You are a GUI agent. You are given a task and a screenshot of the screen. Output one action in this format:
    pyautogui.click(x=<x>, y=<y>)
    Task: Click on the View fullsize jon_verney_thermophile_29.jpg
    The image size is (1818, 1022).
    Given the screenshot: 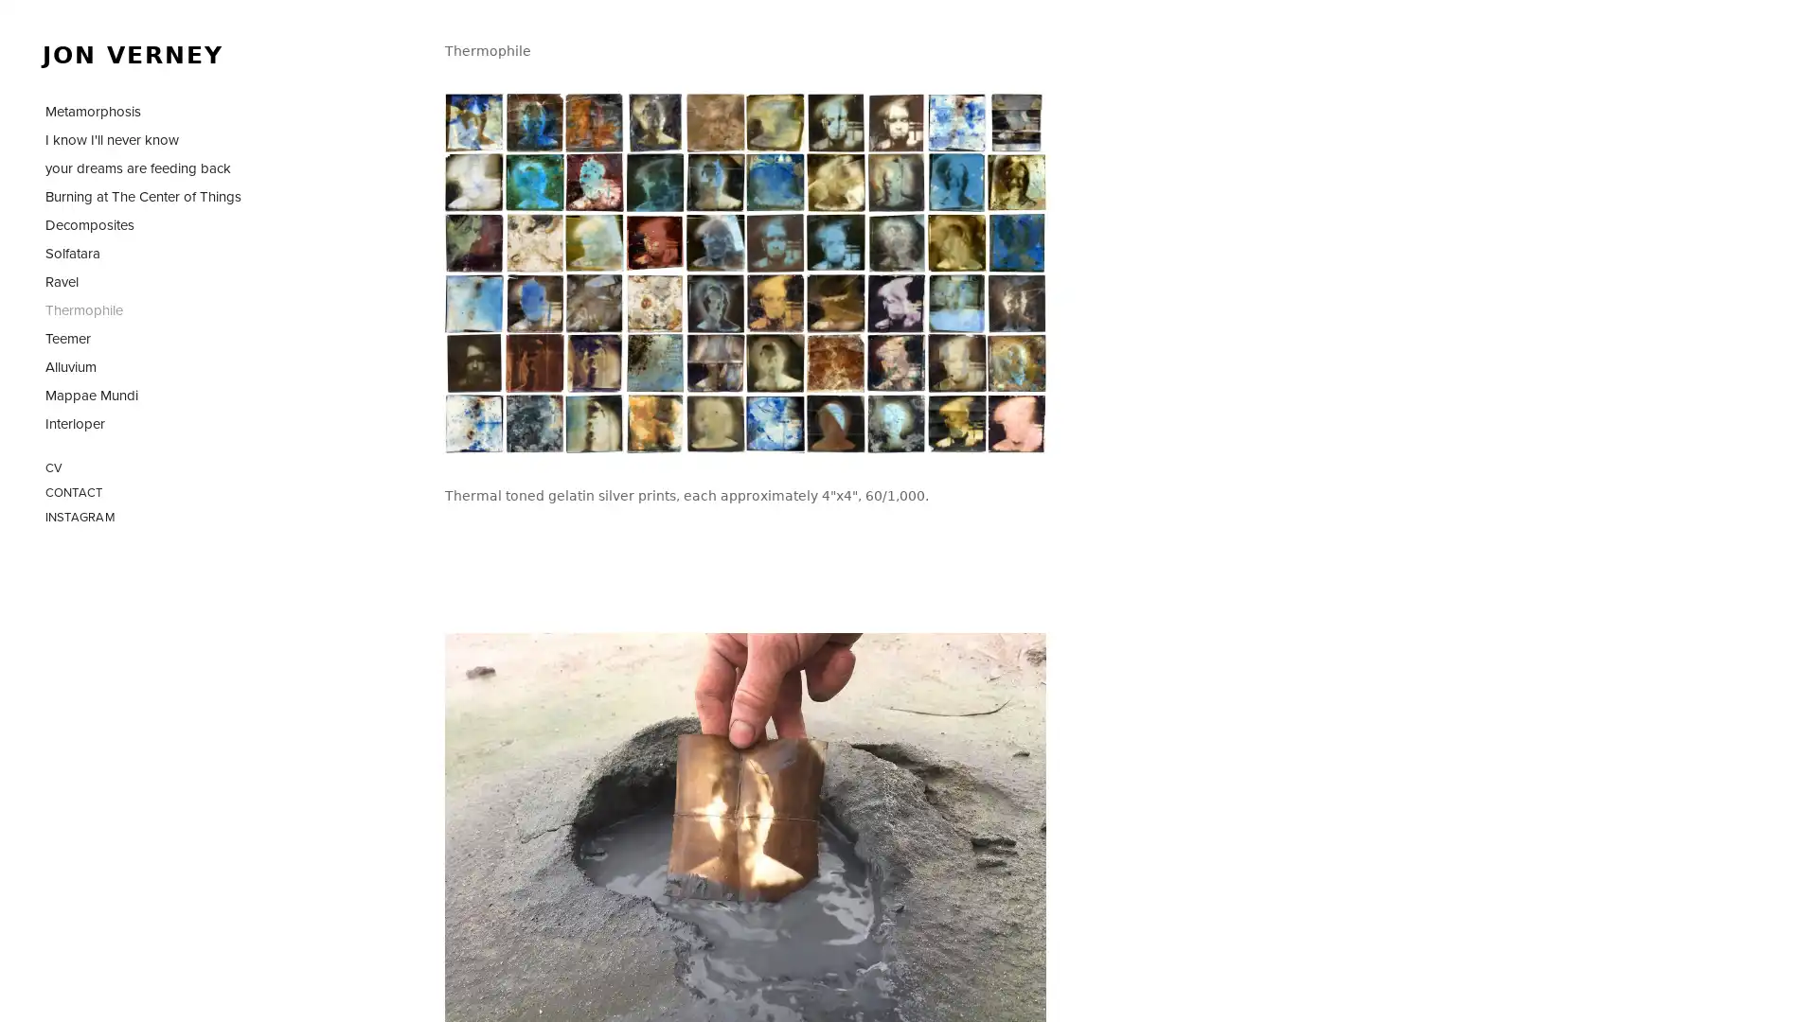 What is the action you would take?
    pyautogui.click(x=955, y=302)
    